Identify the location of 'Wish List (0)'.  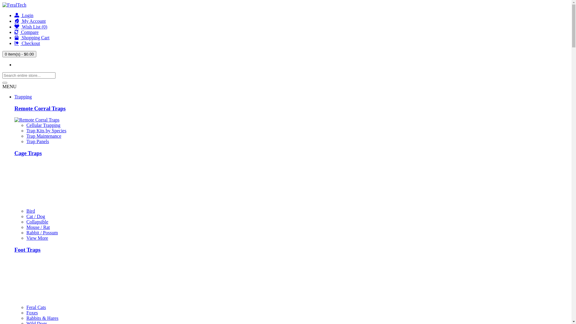
(30, 26).